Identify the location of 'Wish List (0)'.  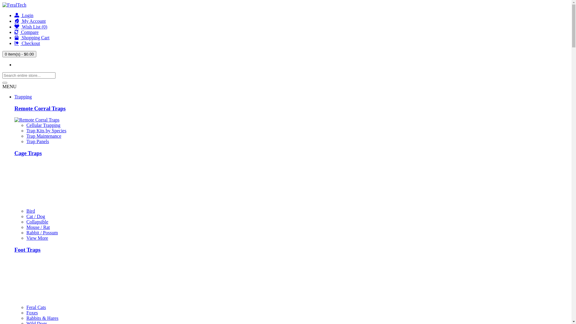
(30, 26).